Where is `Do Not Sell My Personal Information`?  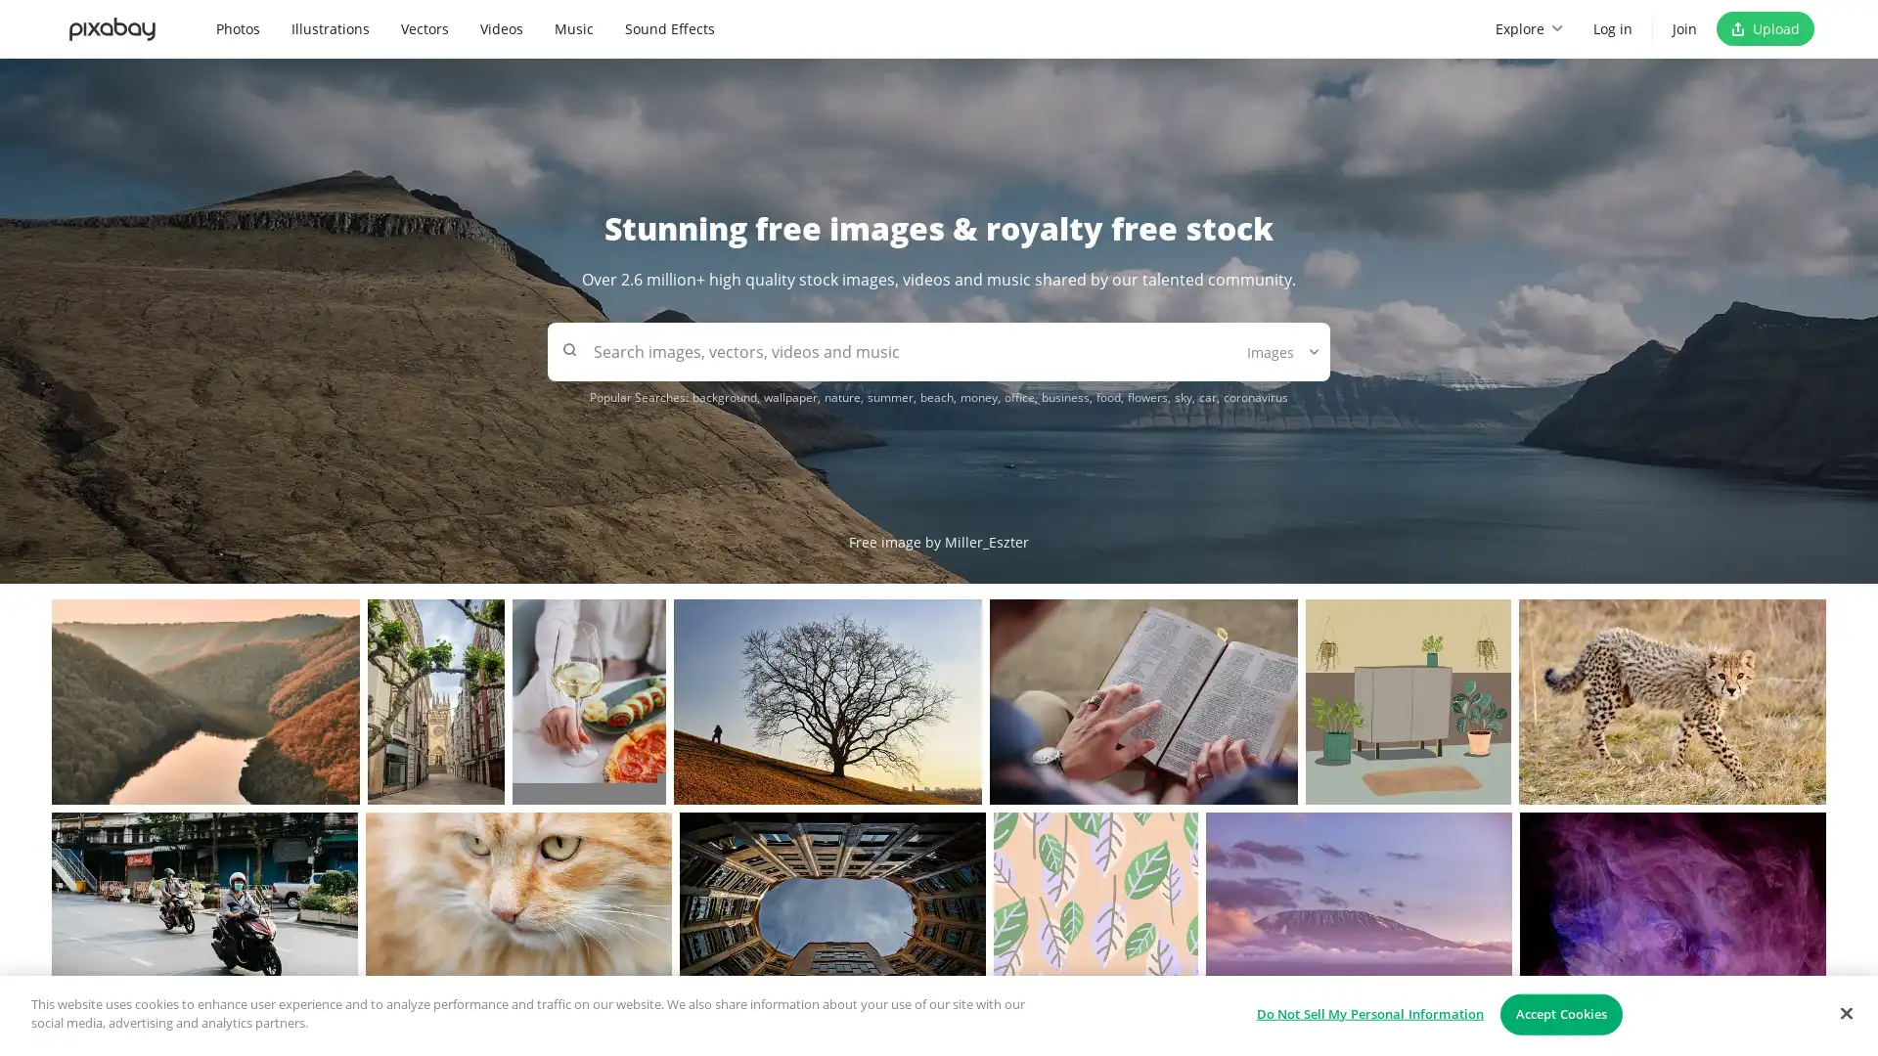
Do Not Sell My Personal Information is located at coordinates (1368, 1013).